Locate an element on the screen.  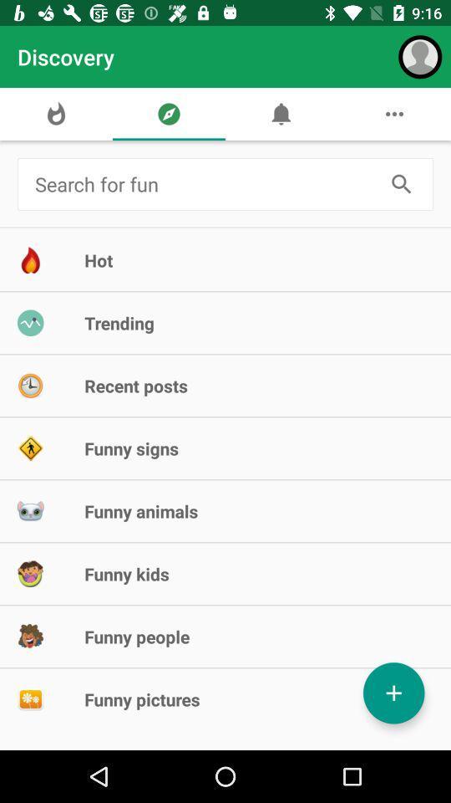
the add icon is located at coordinates (393, 693).